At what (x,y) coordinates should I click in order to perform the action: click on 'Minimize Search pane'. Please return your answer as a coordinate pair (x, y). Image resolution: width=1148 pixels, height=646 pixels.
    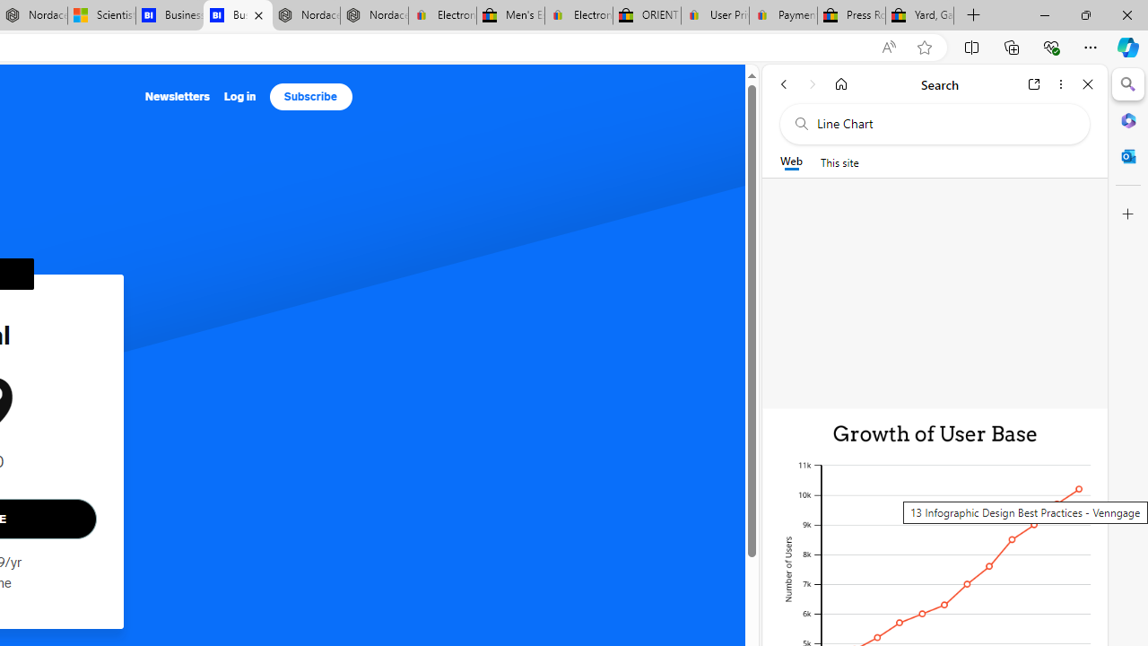
    Looking at the image, I should click on (1127, 84).